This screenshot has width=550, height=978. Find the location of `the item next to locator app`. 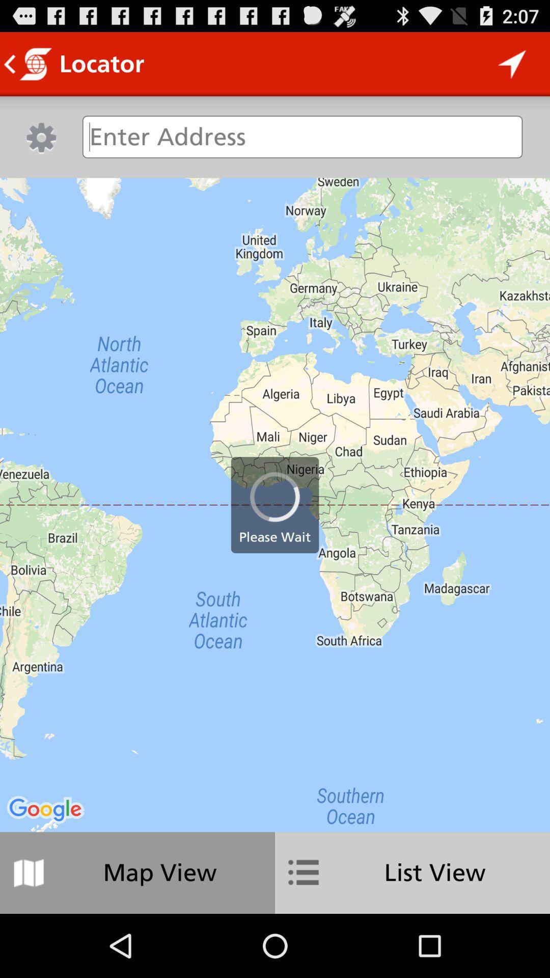

the item next to locator app is located at coordinates (512, 63).